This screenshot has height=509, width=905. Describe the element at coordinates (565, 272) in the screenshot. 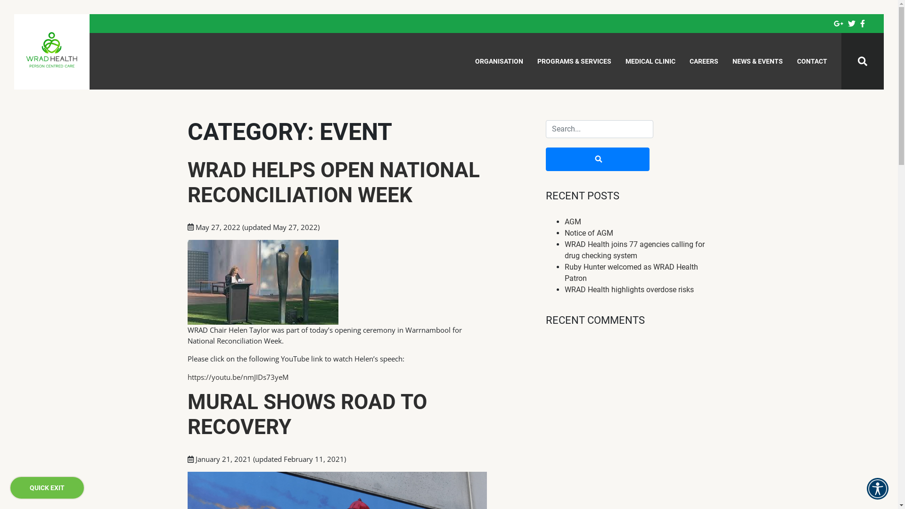

I see `'Ruby Hunter welcomed as WRAD Health Patron'` at that location.